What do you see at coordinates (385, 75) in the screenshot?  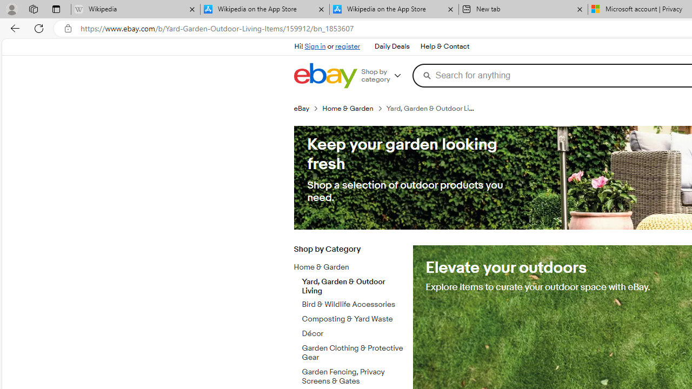 I see `'Shop by category'` at bounding box center [385, 75].